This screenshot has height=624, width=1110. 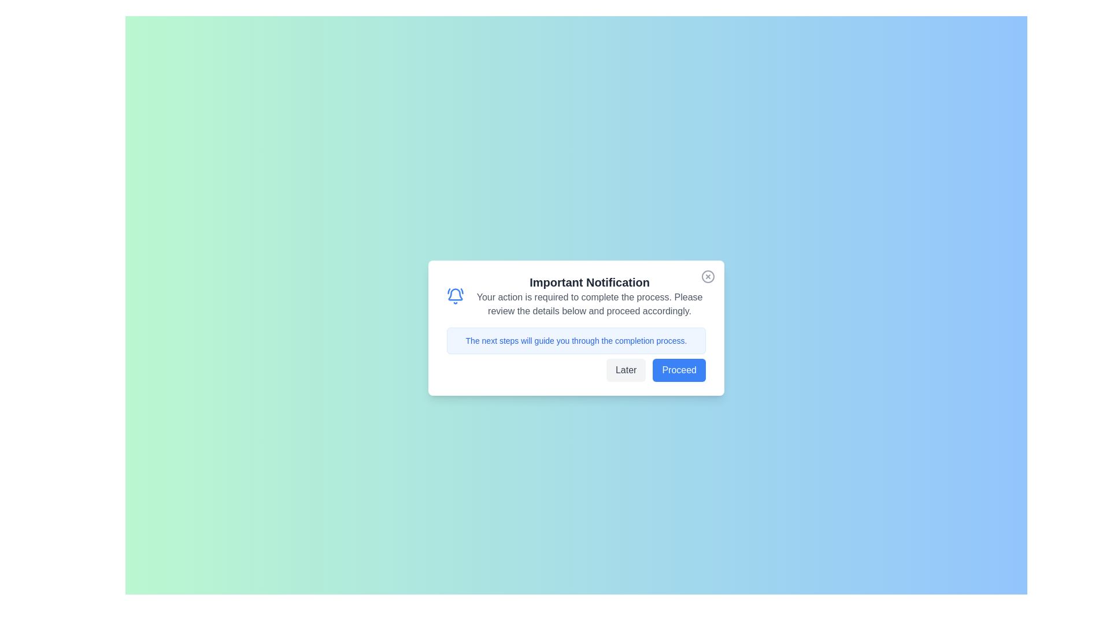 What do you see at coordinates (626, 370) in the screenshot?
I see `'Later' button to postpone the action` at bounding box center [626, 370].